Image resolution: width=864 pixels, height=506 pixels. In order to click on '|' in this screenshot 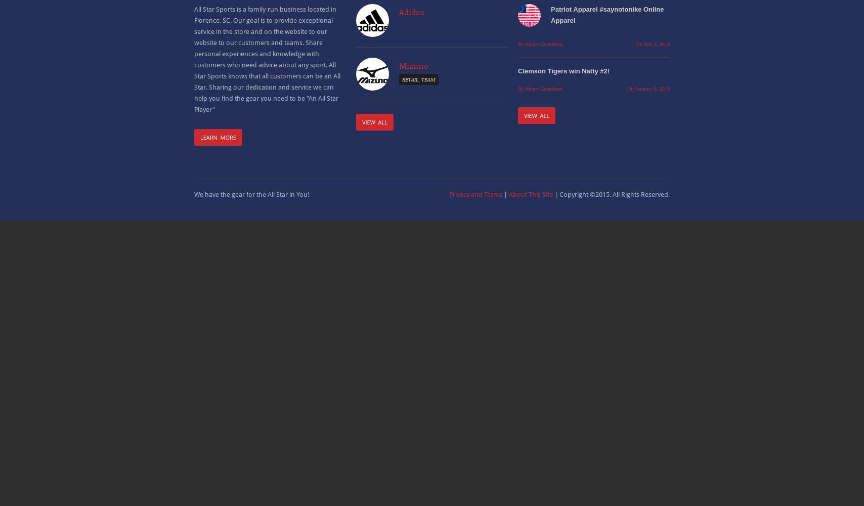, I will do `click(505, 194)`.